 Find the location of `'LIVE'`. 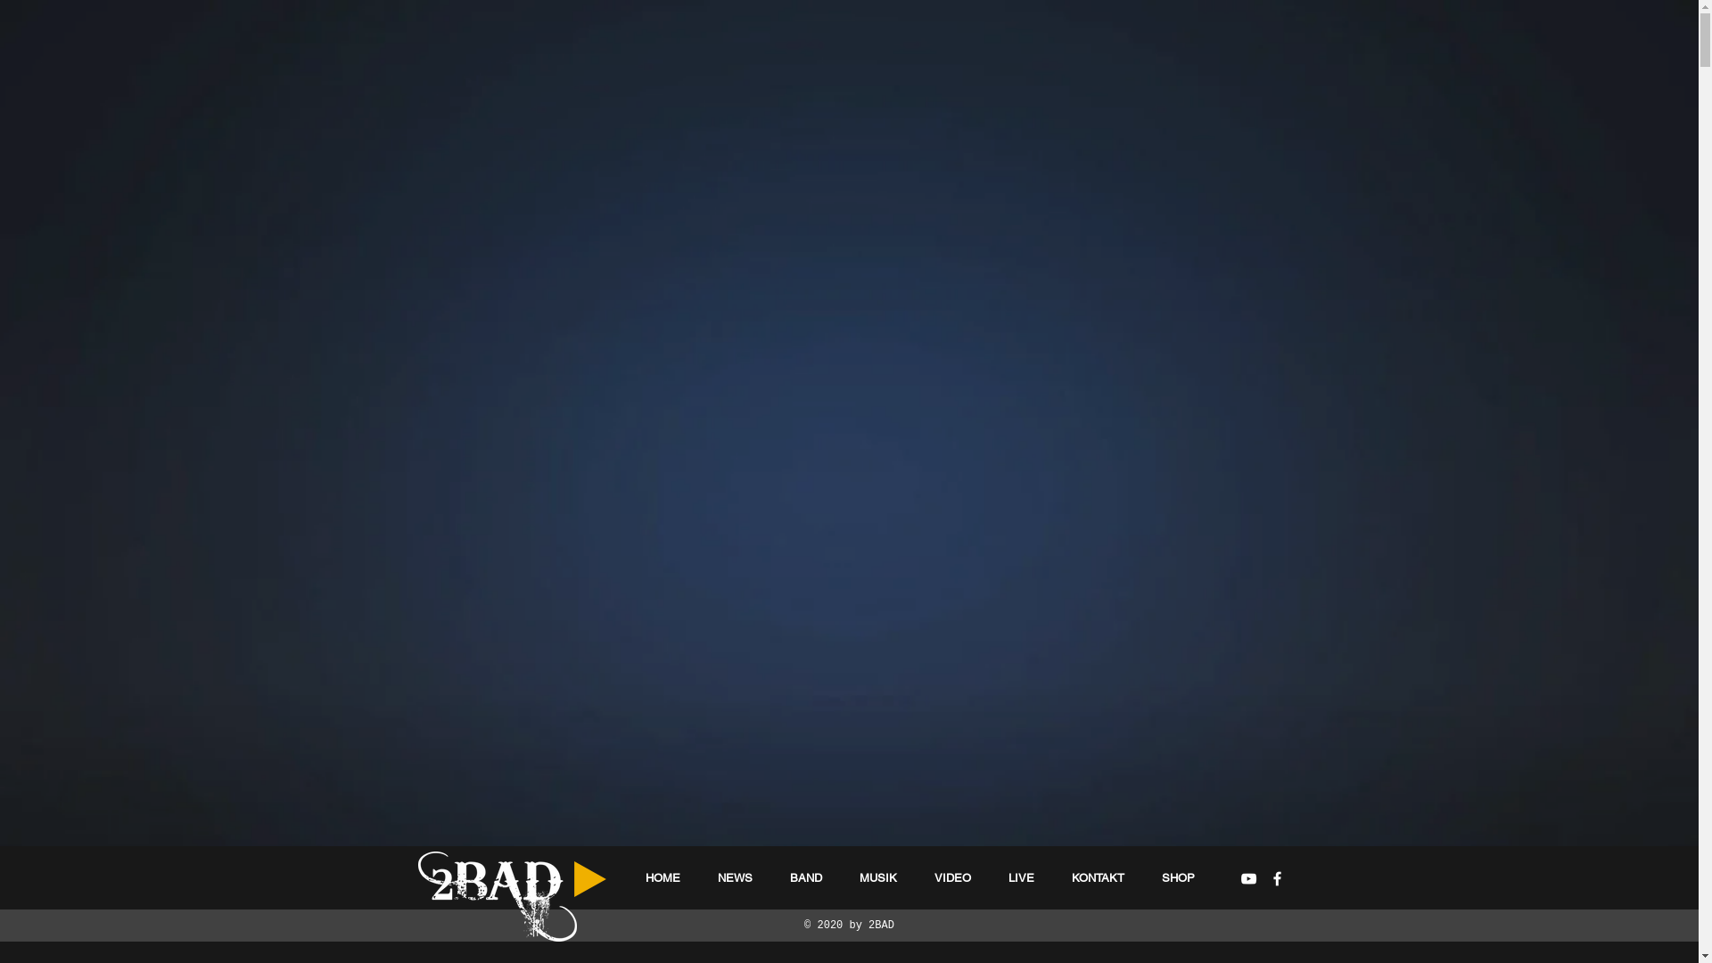

'LIVE' is located at coordinates (1021, 877).